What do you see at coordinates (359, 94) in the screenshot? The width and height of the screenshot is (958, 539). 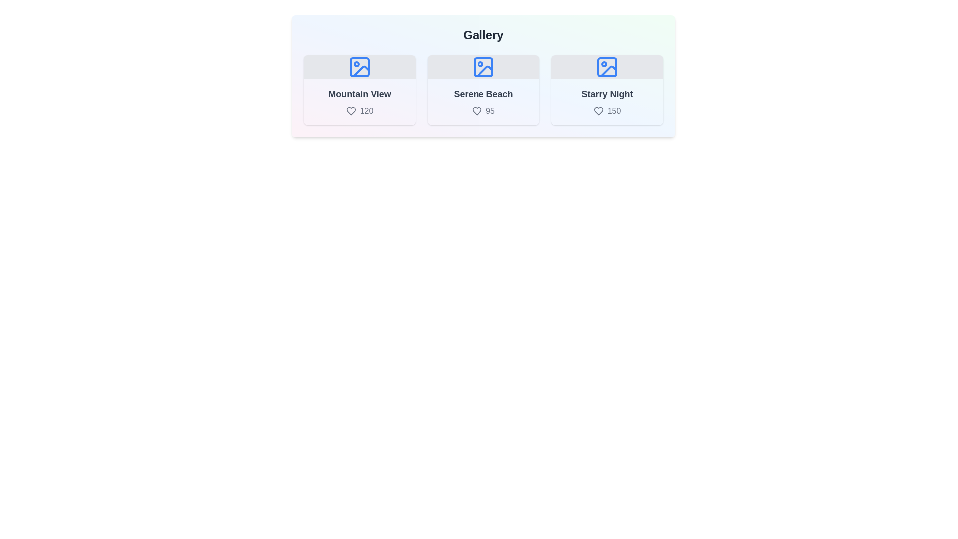 I see `the title of the item Mountain View to select it` at bounding box center [359, 94].